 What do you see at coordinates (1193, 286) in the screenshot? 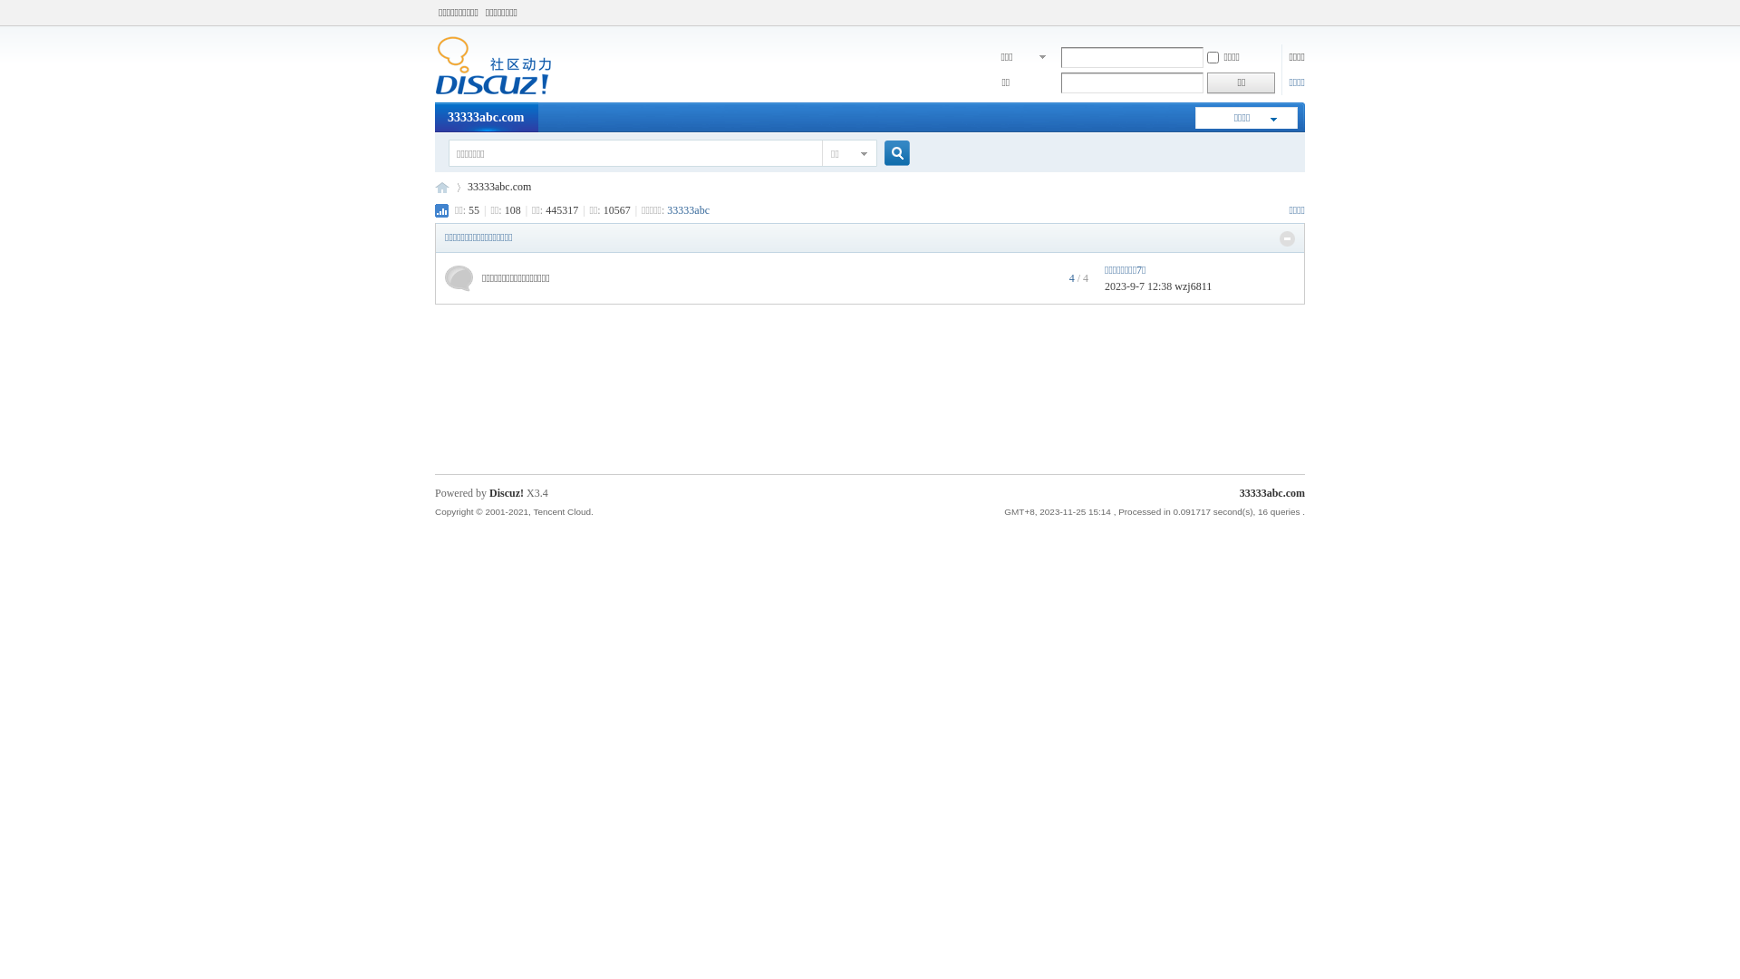
I see `'wzj6811'` at bounding box center [1193, 286].